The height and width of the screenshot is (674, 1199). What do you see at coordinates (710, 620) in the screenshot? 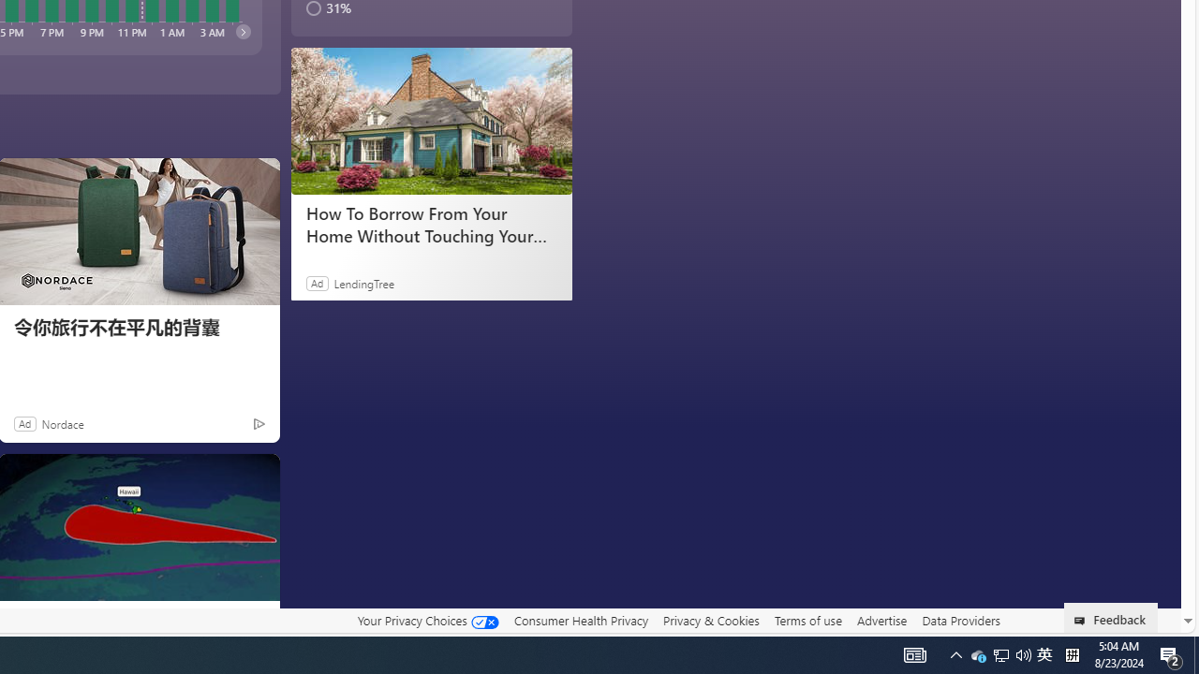
I see `'Privacy & Cookies'` at bounding box center [710, 620].